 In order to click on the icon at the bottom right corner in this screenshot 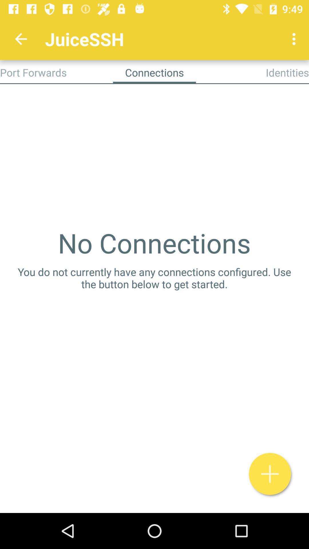, I will do `click(270, 474)`.